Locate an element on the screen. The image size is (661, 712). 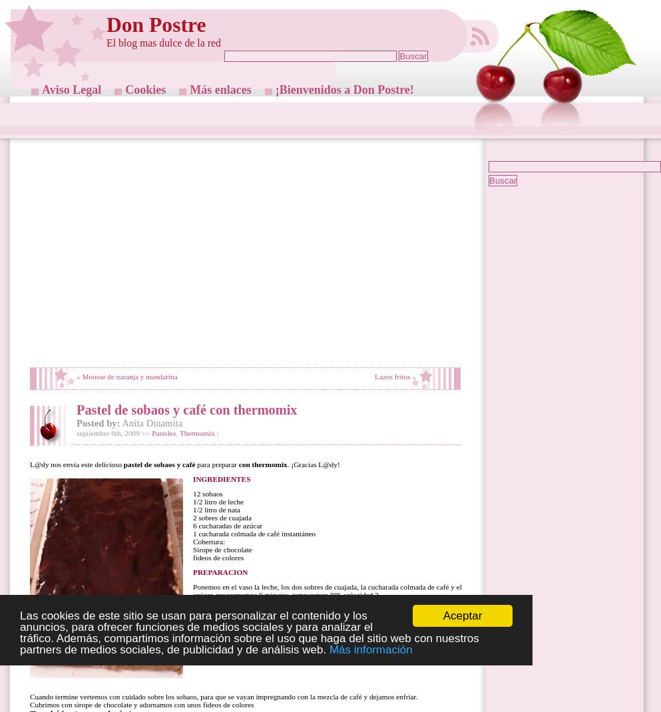
'Anita Dinamita' is located at coordinates (150, 423).